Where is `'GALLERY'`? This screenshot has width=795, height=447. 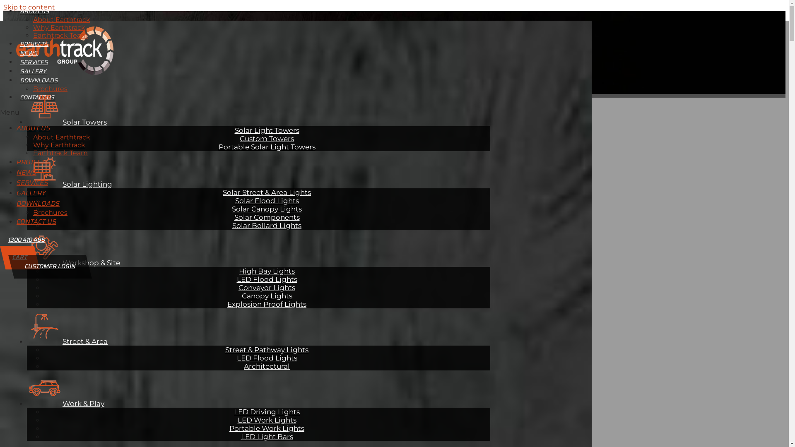
'GALLERY' is located at coordinates (33, 71).